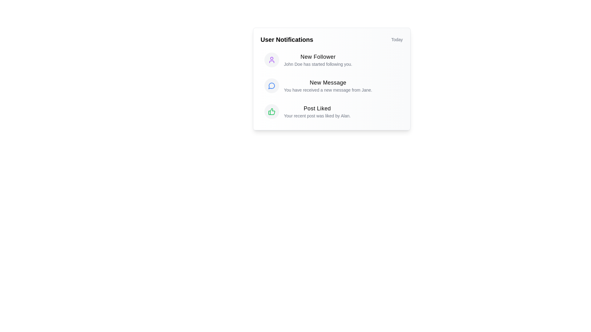  Describe the element at coordinates (328, 85) in the screenshot. I see `message details from the text-based notification block labeled 'New Message' which displays 'You have received a new message from Jane.'` at that location.